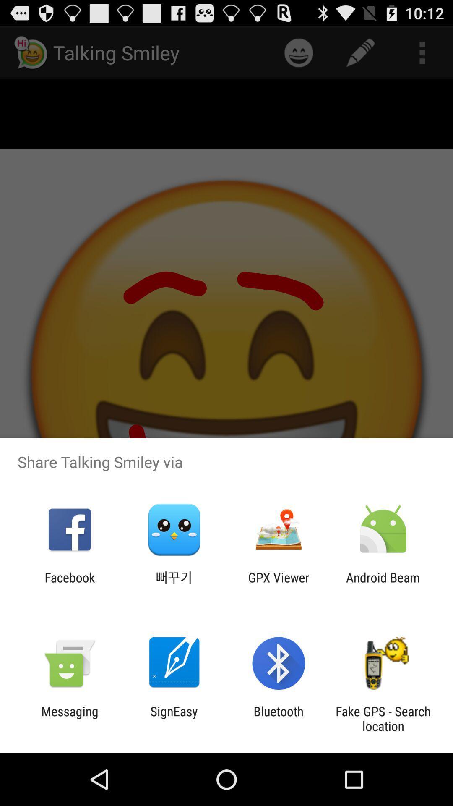  I want to click on android beam icon, so click(383, 584).